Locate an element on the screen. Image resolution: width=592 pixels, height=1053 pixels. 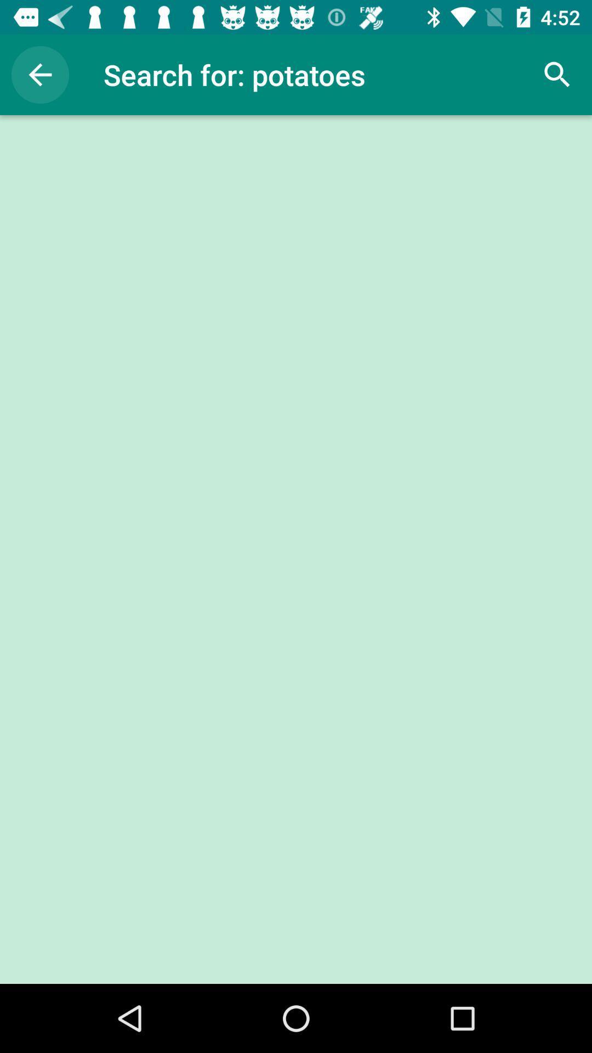
the icon at the top left corner is located at coordinates (39, 74).